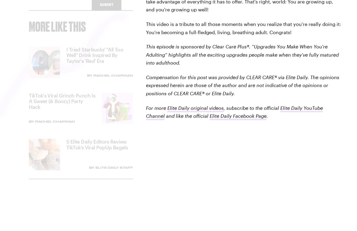 The height and width of the screenshot is (231, 357). Describe the element at coordinates (62, 105) in the screenshot. I see `'TikTok's Viral Grinch Punch Is A Sweet (& Boozy) Party Hack'` at that location.